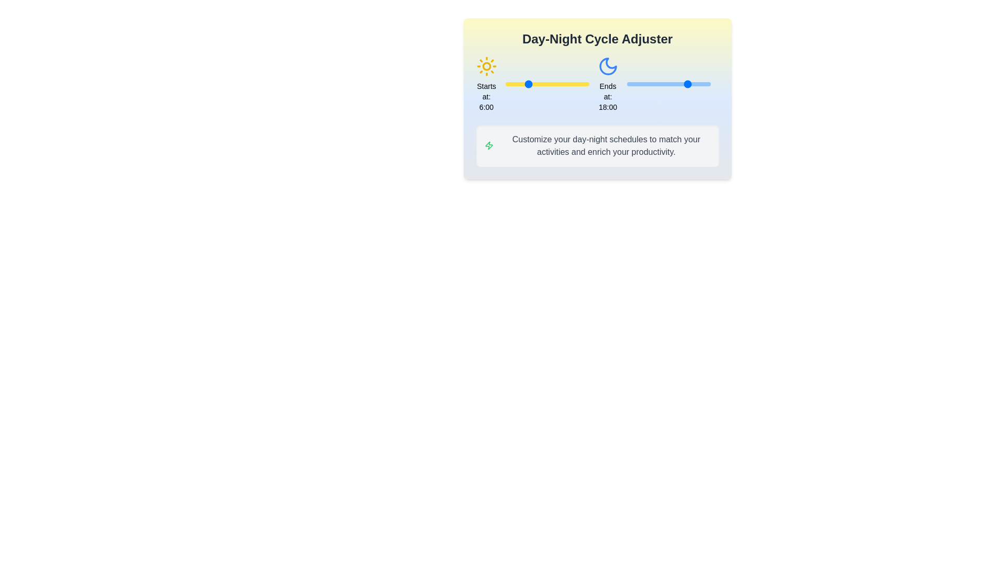 This screenshot has width=1005, height=565. Describe the element at coordinates (567, 84) in the screenshot. I see `the start time of the day cycle to 18 hours using the left slider` at that location.